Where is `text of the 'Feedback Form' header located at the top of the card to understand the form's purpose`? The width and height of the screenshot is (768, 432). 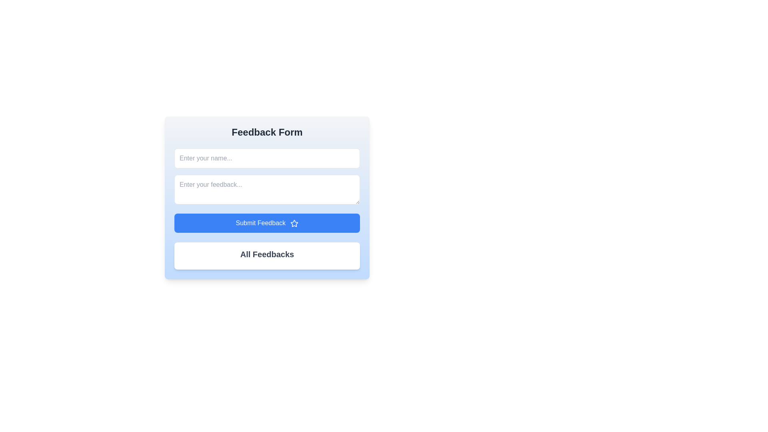 text of the 'Feedback Form' header located at the top of the card to understand the form's purpose is located at coordinates (267, 132).